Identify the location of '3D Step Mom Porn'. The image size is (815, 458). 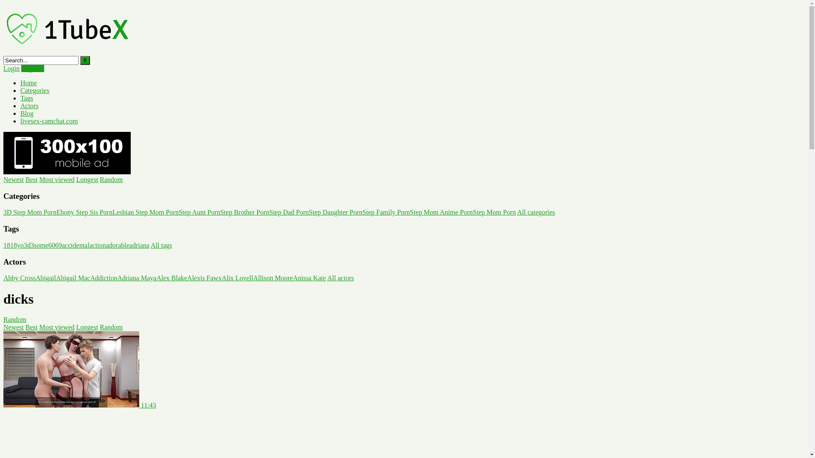
(3, 212).